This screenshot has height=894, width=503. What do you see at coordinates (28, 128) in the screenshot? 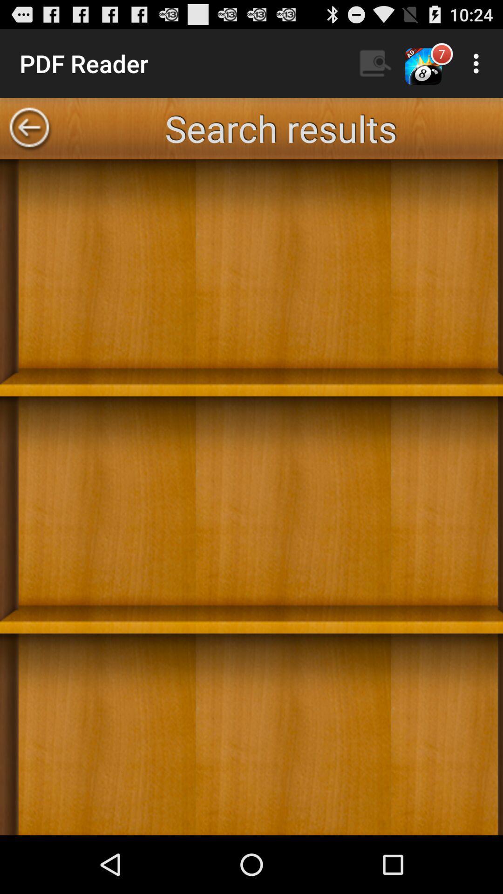
I see `the icon to the left of the search results app` at bounding box center [28, 128].